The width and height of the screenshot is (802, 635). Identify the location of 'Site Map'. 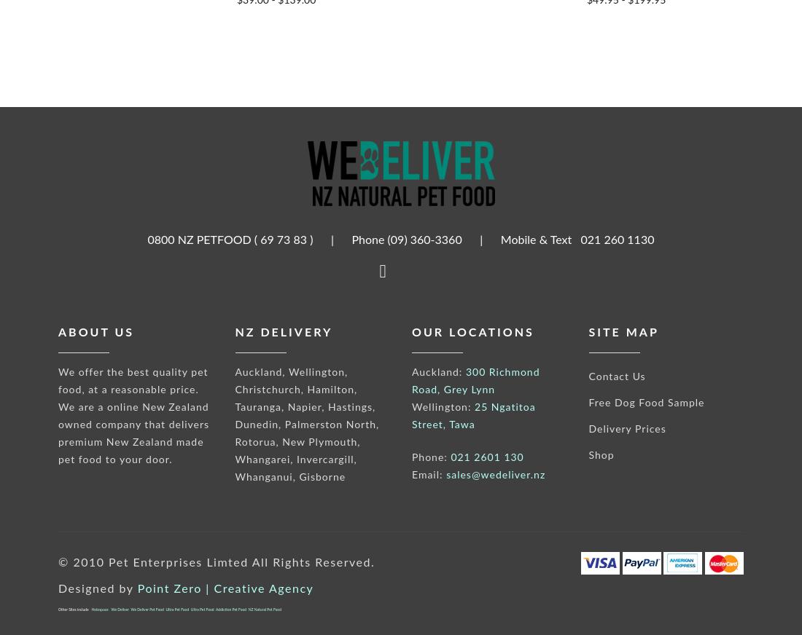
(588, 332).